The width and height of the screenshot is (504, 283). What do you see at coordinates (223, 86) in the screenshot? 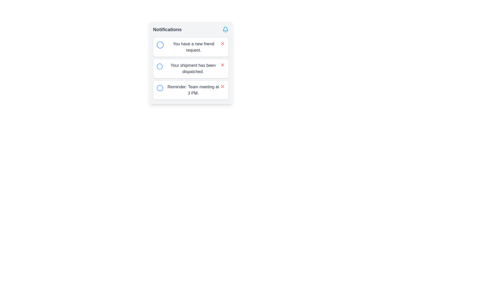
I see `the small red 'X' button located at the far right end of the notification containing the message 'Reminder: Team meeting at 3 PM.'` at bounding box center [223, 86].